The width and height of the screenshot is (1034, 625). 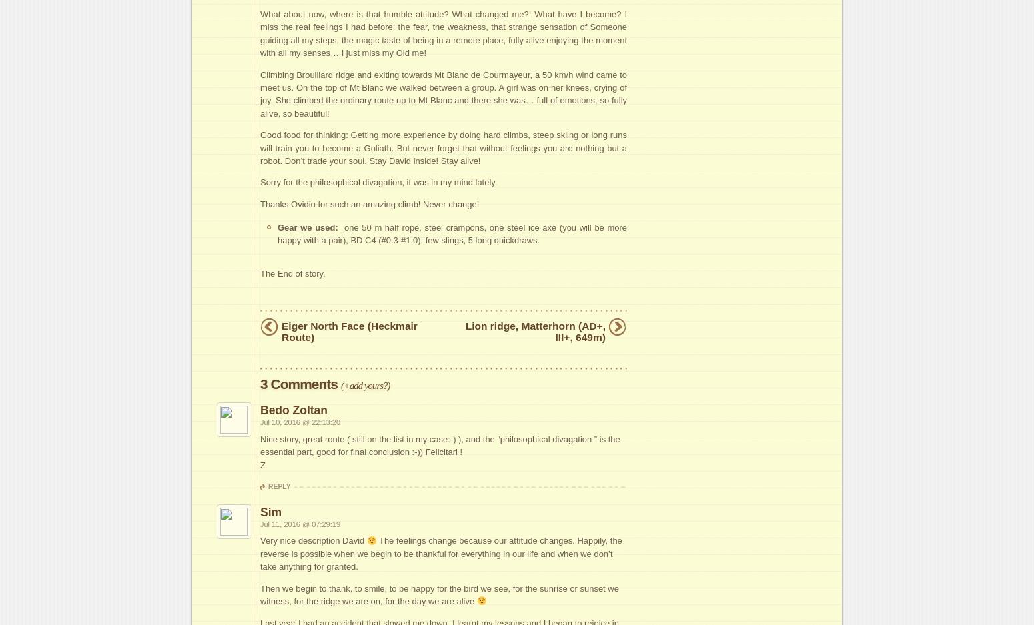 I want to click on 'Then we begin to thank, to smile, to be happy for the bird we see, for the sunrise or sunset we witness, for the ridge we are on, for the day we are alive', so click(x=438, y=594).